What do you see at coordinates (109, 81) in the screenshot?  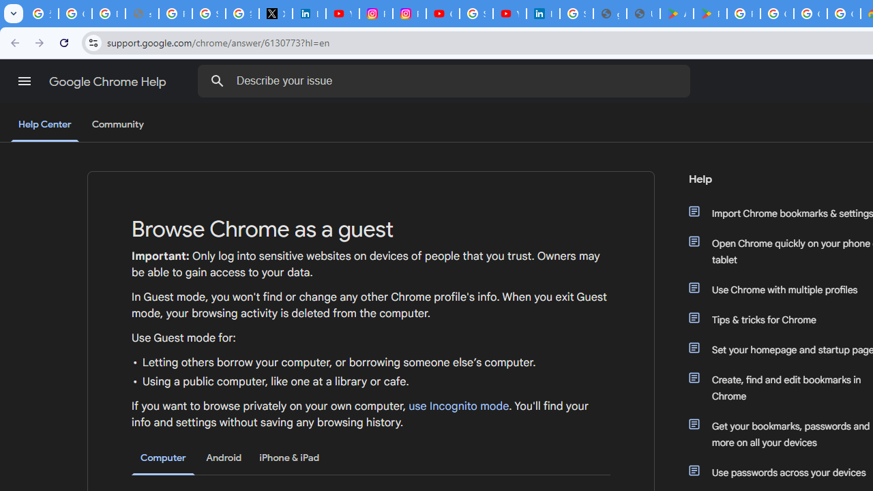 I see `'Google Chrome Help'` at bounding box center [109, 81].